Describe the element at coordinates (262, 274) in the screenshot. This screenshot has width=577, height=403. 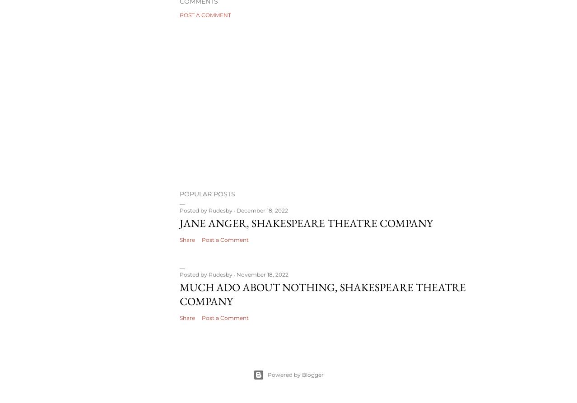
I see `'November 18, 2022'` at that location.